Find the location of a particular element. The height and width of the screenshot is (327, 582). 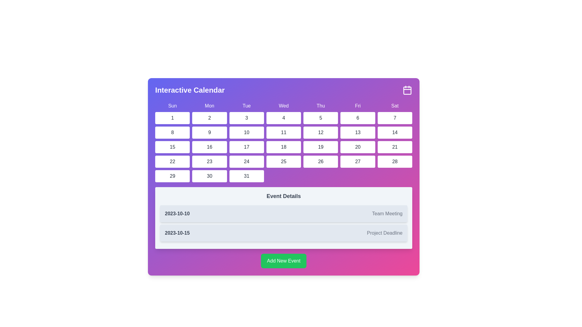

the rectangular button displaying the number '11' in dark gray text, located in the fourth column and second row of the calendar grid is located at coordinates (283, 132).